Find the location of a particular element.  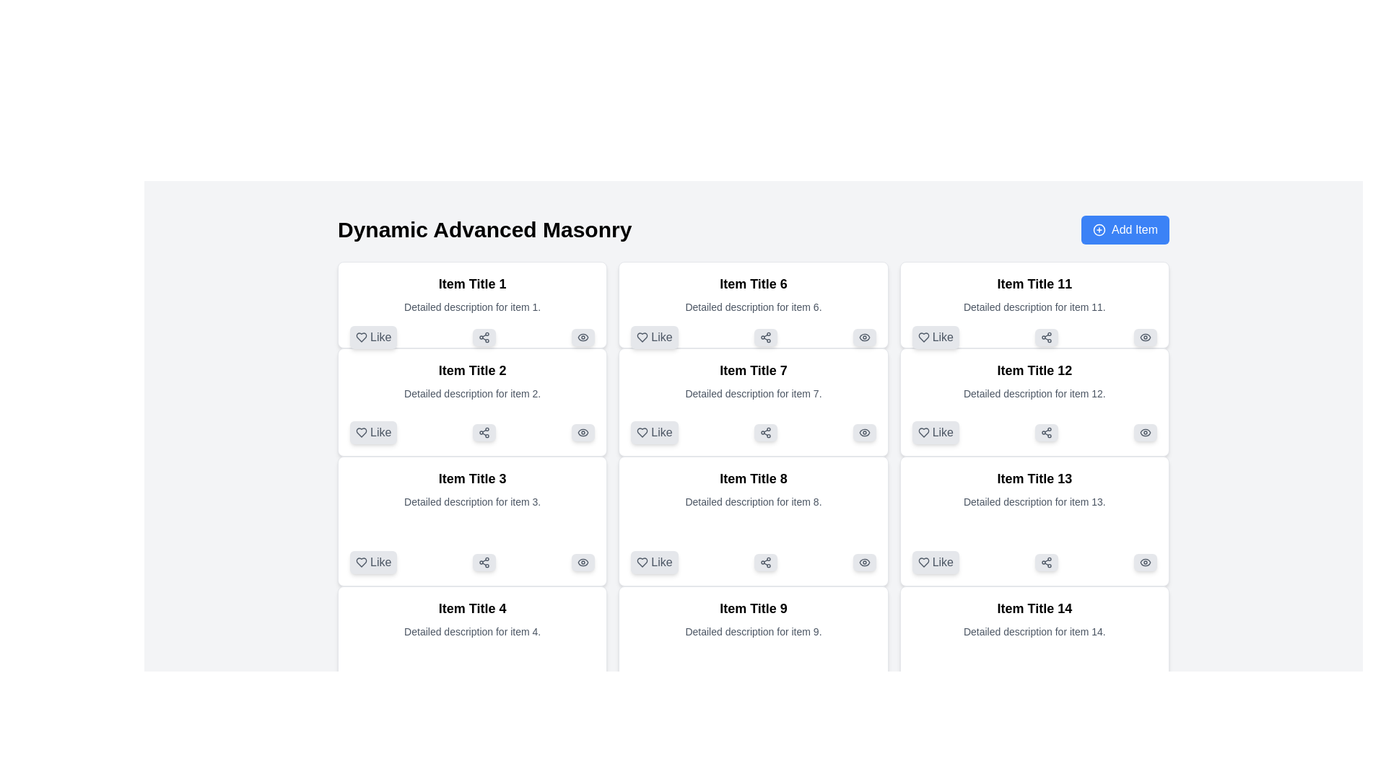

the text label providing additional information for item 12, located beneath 'Item Title 12' and above the interactive buttons is located at coordinates (1034, 394).